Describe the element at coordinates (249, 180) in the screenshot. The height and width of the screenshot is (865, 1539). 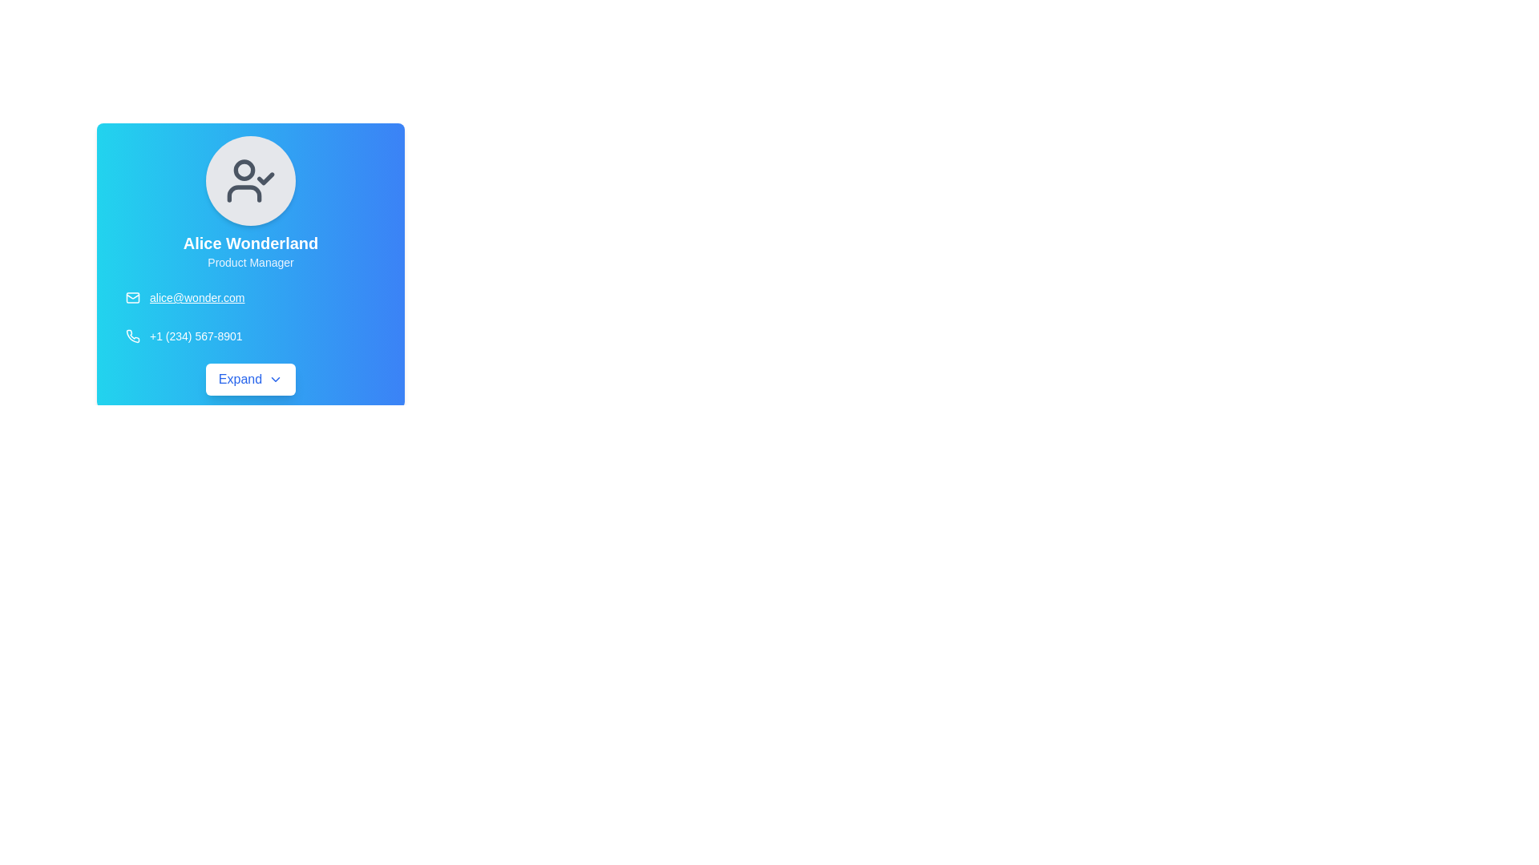
I see `the circular icon with a gray background representing a verified user, located above the name 'Alice Wonderland' and the title 'Product Manager'` at that location.